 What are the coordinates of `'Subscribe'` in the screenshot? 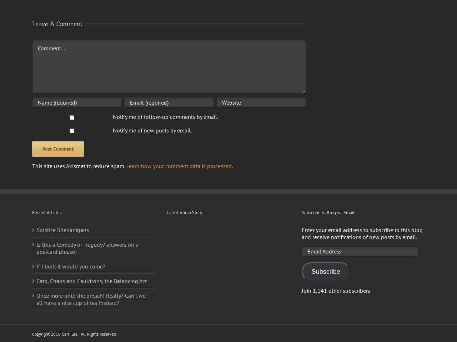 It's located at (325, 271).